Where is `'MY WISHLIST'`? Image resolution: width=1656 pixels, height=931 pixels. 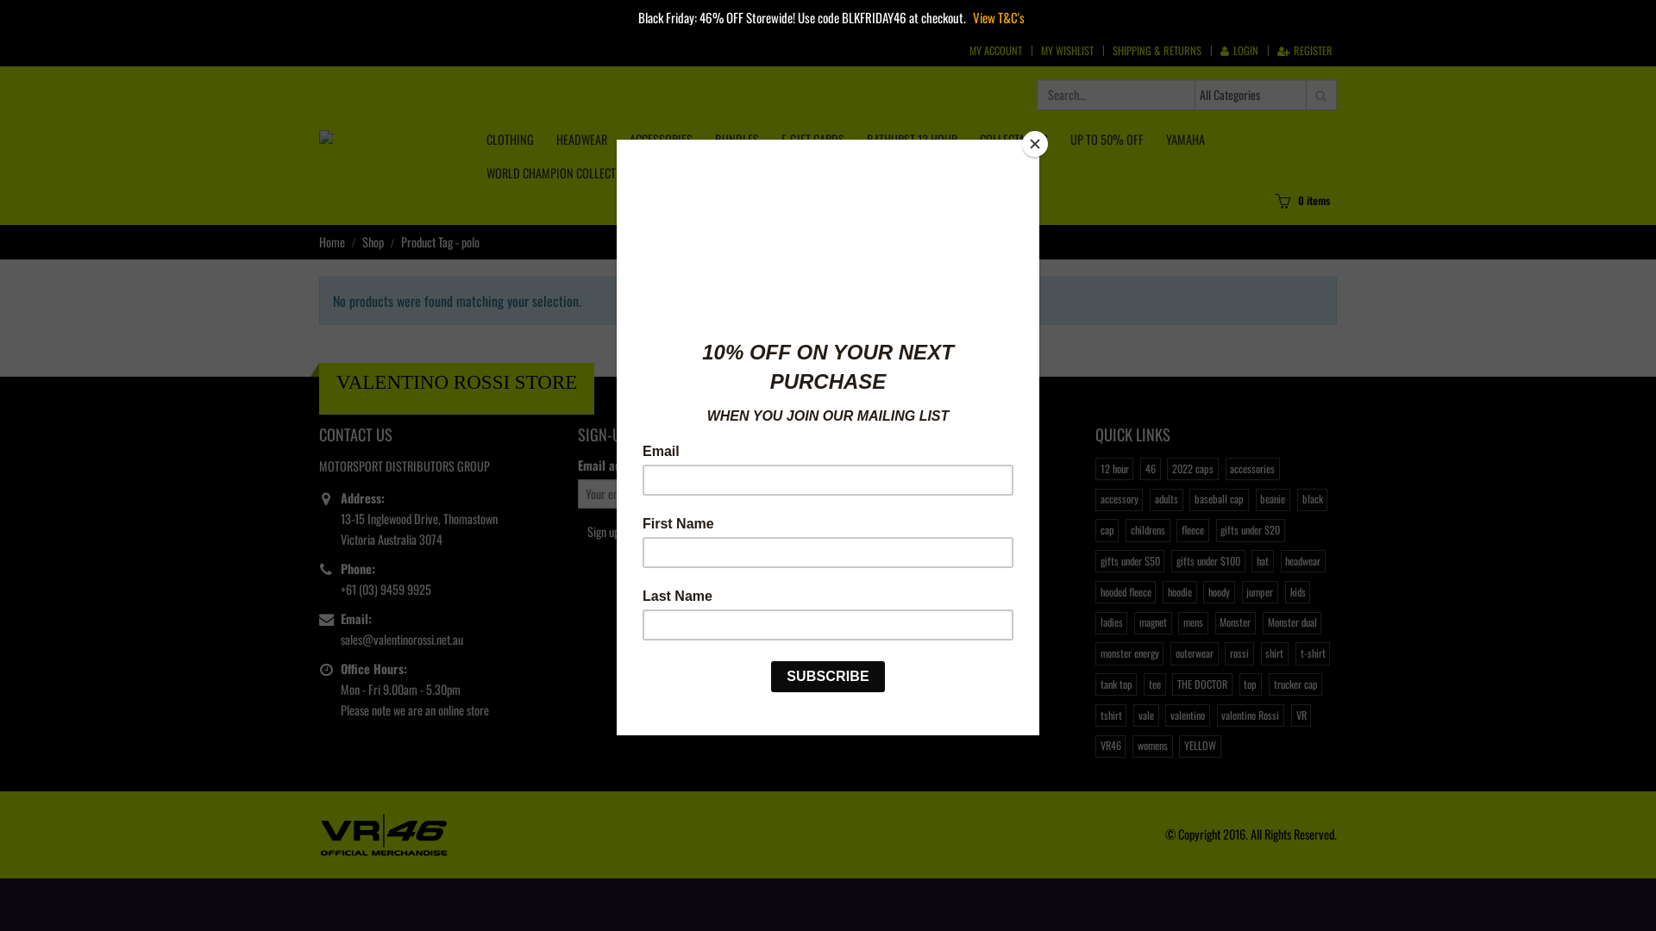
'MY WISHLIST' is located at coordinates (1066, 49).